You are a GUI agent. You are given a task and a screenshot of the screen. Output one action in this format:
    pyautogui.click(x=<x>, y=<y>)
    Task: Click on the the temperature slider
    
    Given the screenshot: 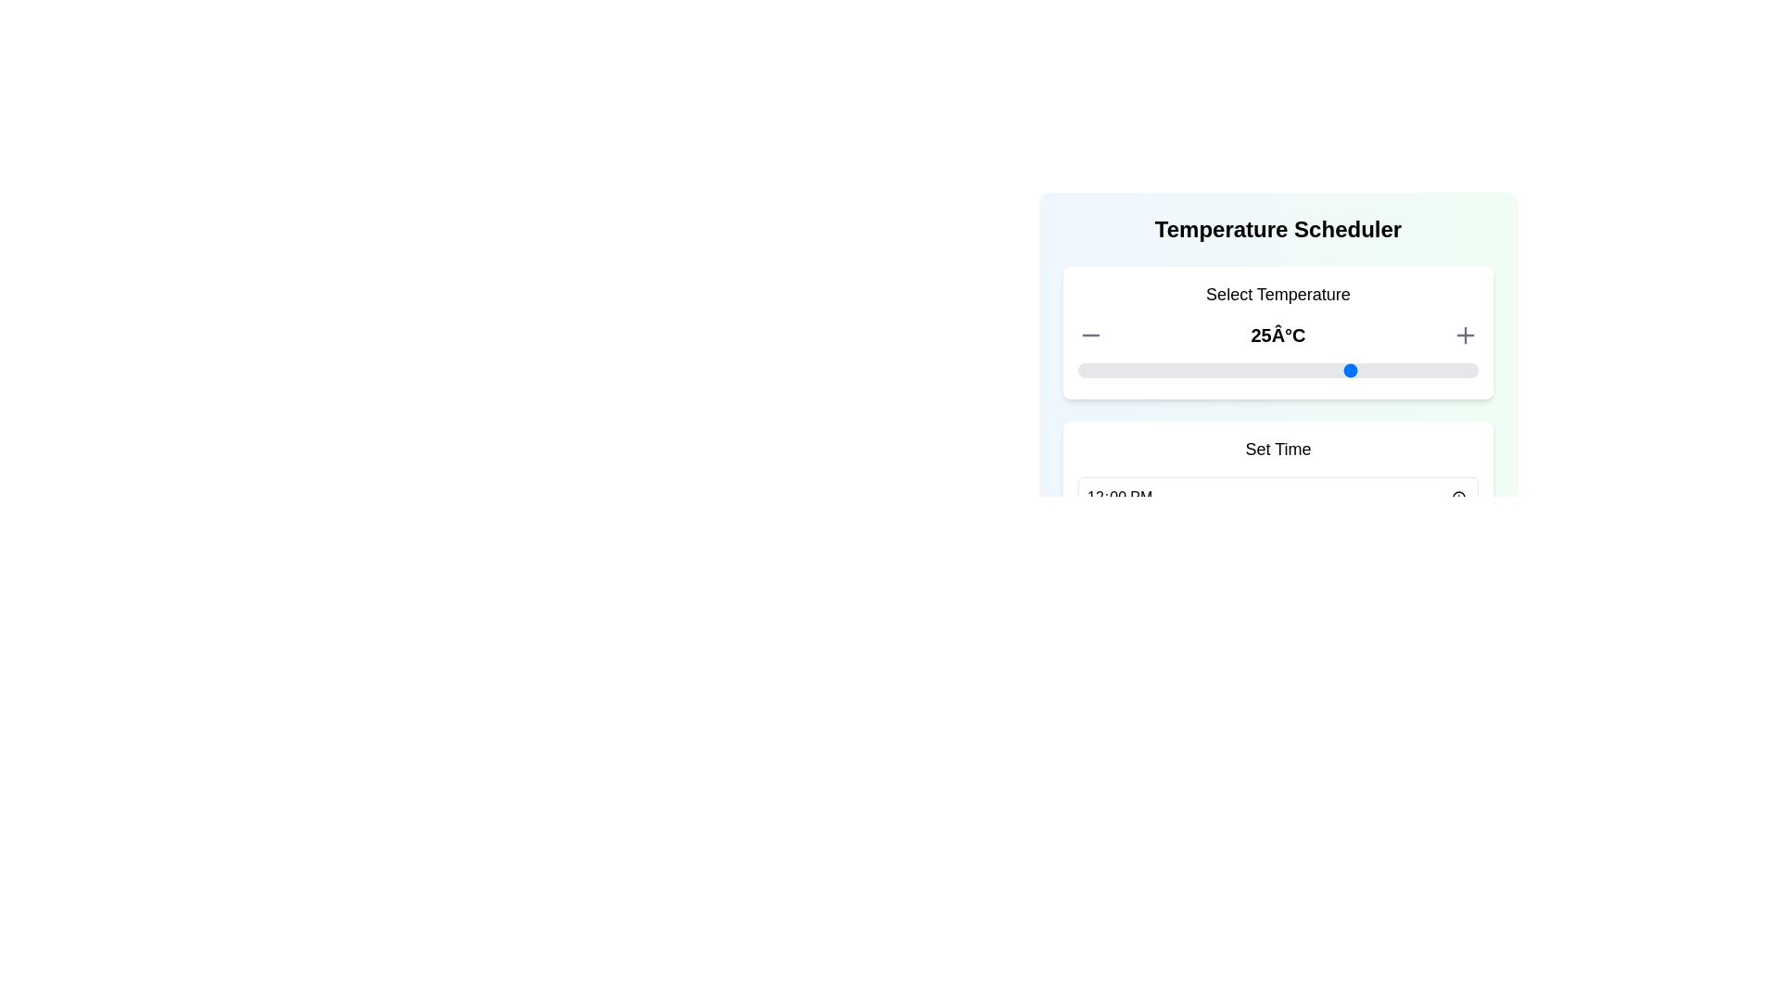 What is the action you would take?
    pyautogui.click(x=1332, y=371)
    